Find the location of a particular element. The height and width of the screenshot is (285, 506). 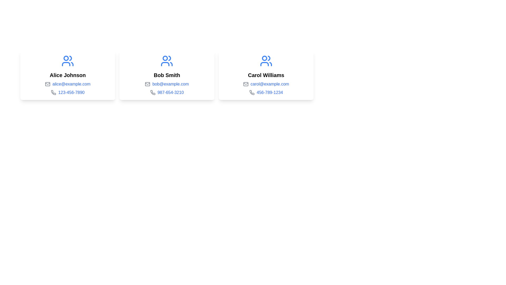

the label displaying the name 'Bob Smith', which is styled in bold and larger font, located near the top-center of the second card in a card layout is located at coordinates (167, 75).